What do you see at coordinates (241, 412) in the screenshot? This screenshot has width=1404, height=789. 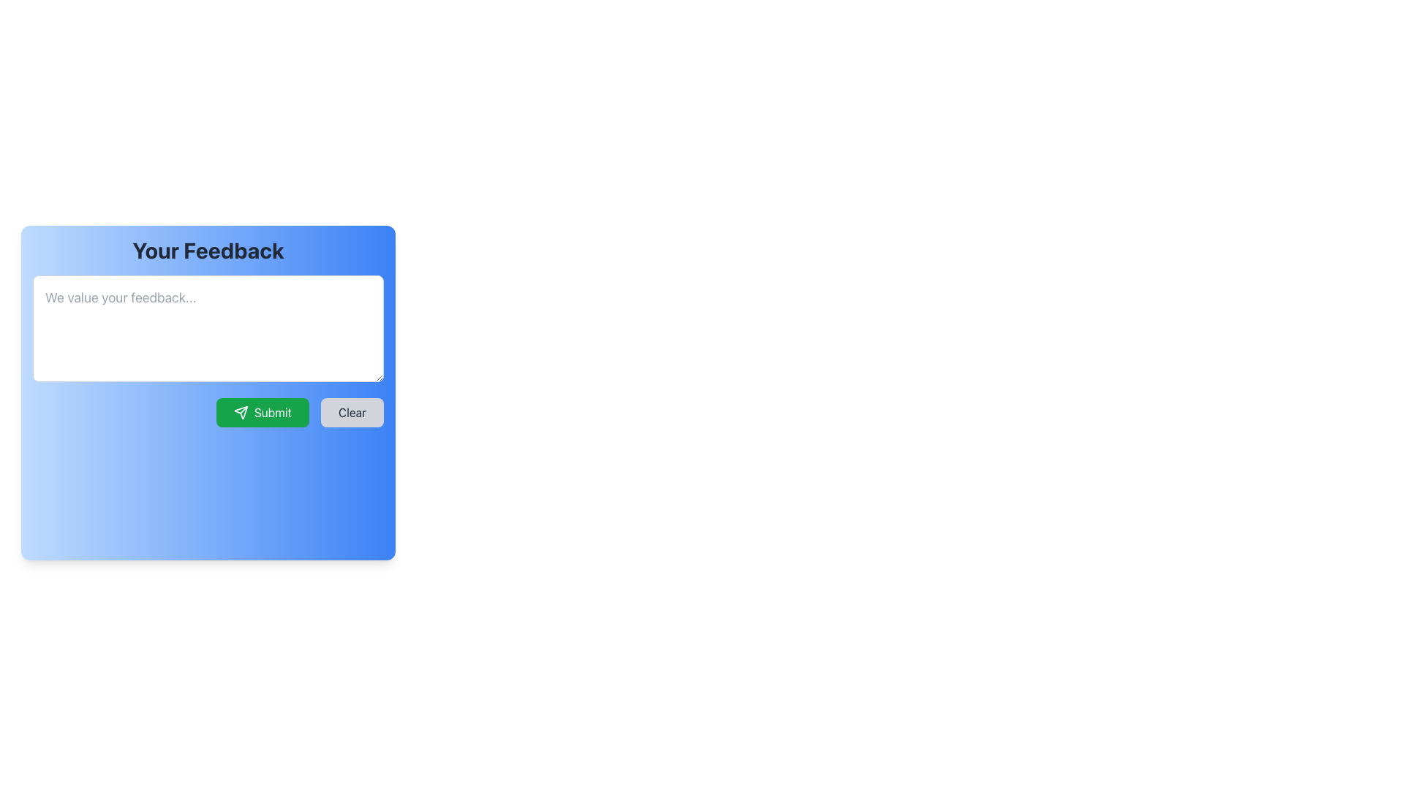 I see `the decorative send action arrow icon located inside the lower green 'Submit' button in the 'Your Feedback' popup interface` at bounding box center [241, 412].